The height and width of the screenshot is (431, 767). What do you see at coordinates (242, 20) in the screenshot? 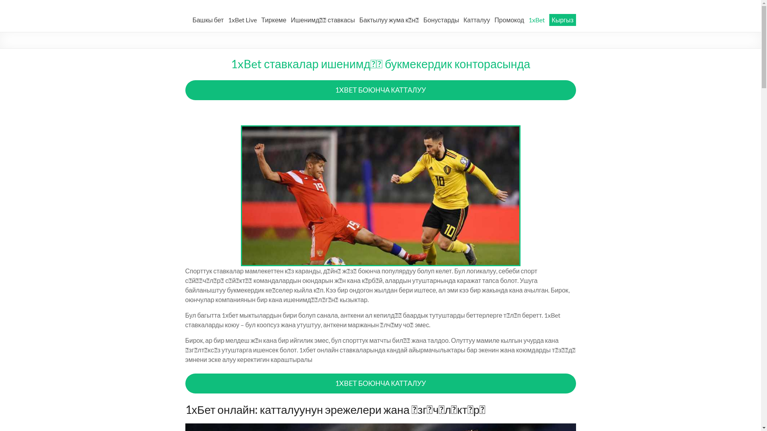
I see `'1xBet Live'` at bounding box center [242, 20].